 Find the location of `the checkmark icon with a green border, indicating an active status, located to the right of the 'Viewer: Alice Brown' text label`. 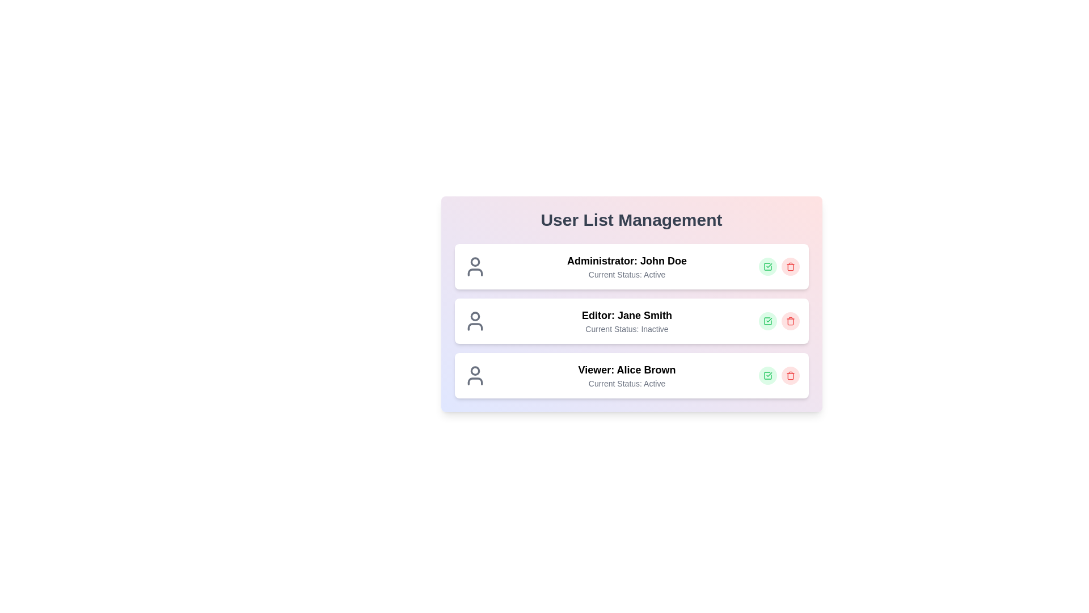

the checkmark icon with a green border, indicating an active status, located to the right of the 'Viewer: Alice Brown' text label is located at coordinates (767, 267).